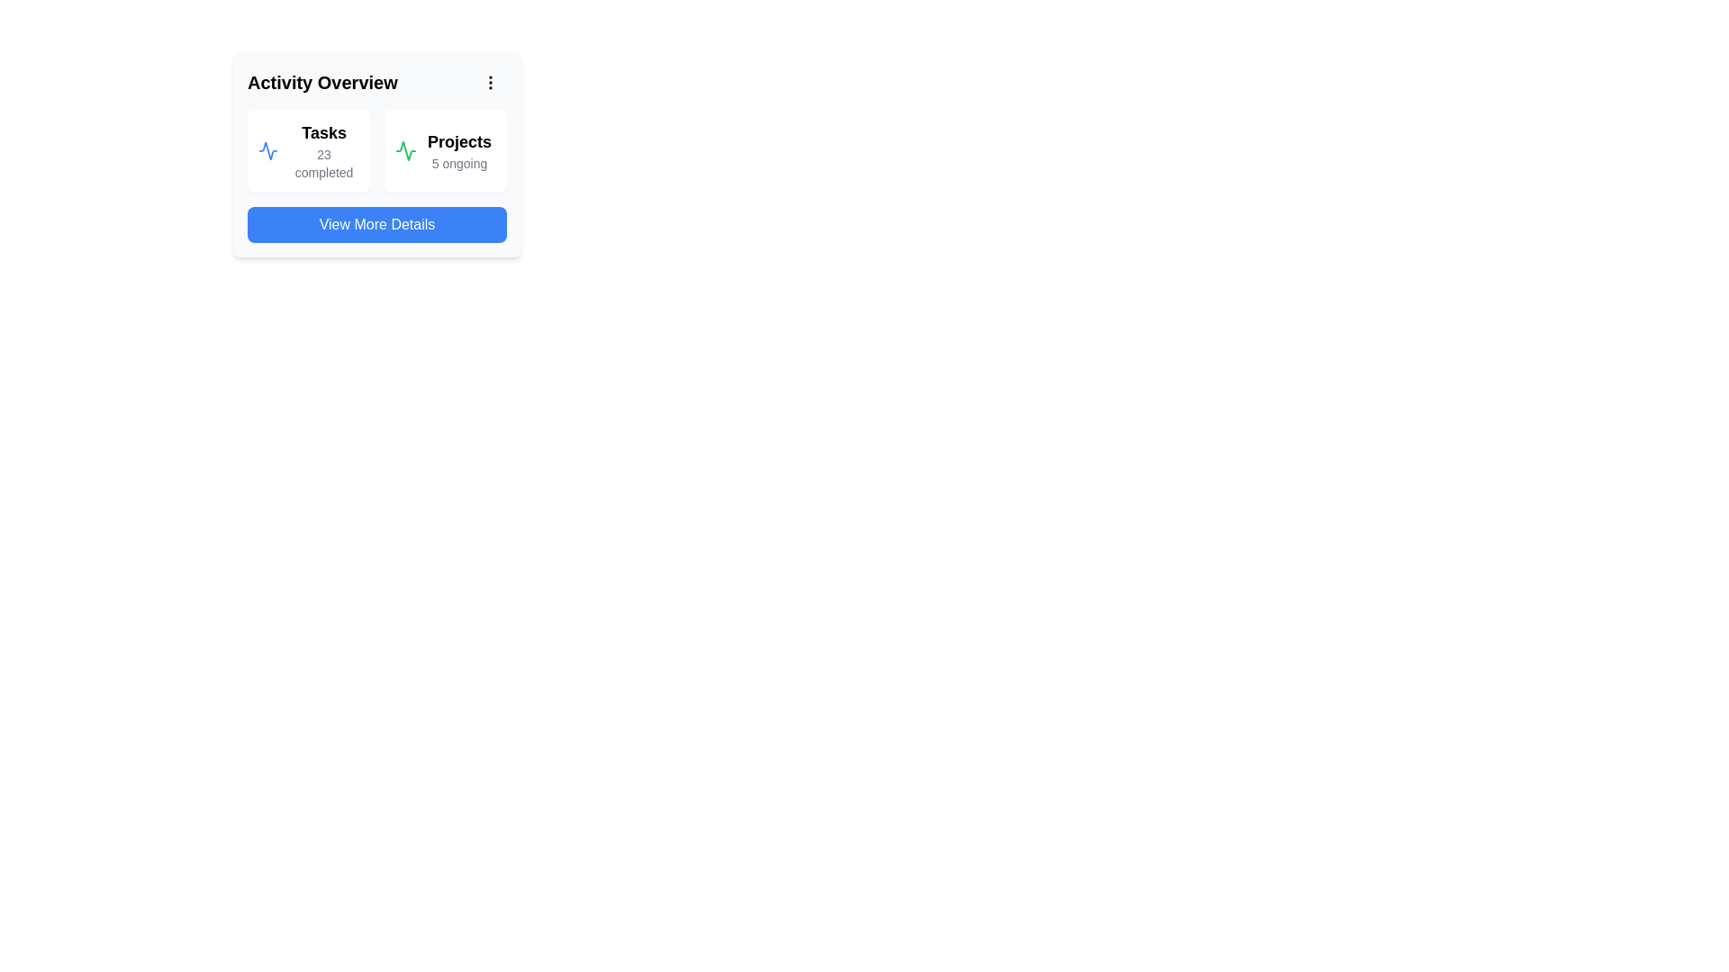 This screenshot has width=1729, height=972. Describe the element at coordinates (324, 163) in the screenshot. I see `text displayed in the Text Label with the phrase '23 completed', located below the 'Tasks' header in the 'Activity Overview' card interface` at that location.